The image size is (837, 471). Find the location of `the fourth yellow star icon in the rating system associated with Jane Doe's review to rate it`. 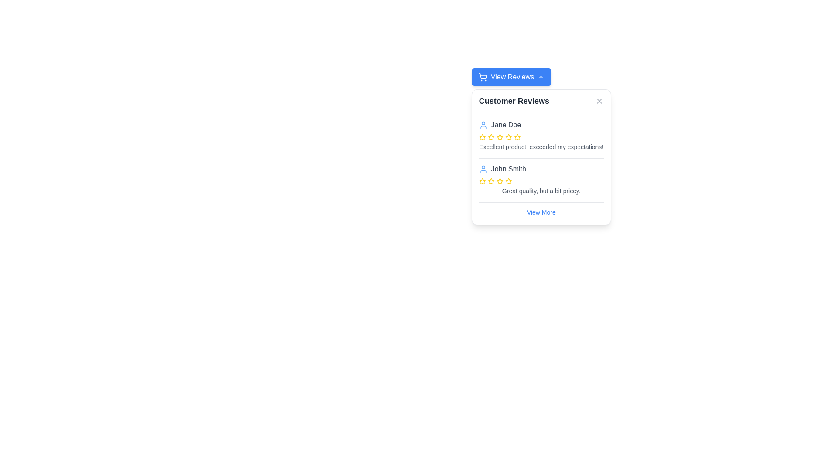

the fourth yellow star icon in the rating system associated with Jane Doe's review to rate it is located at coordinates (517, 137).